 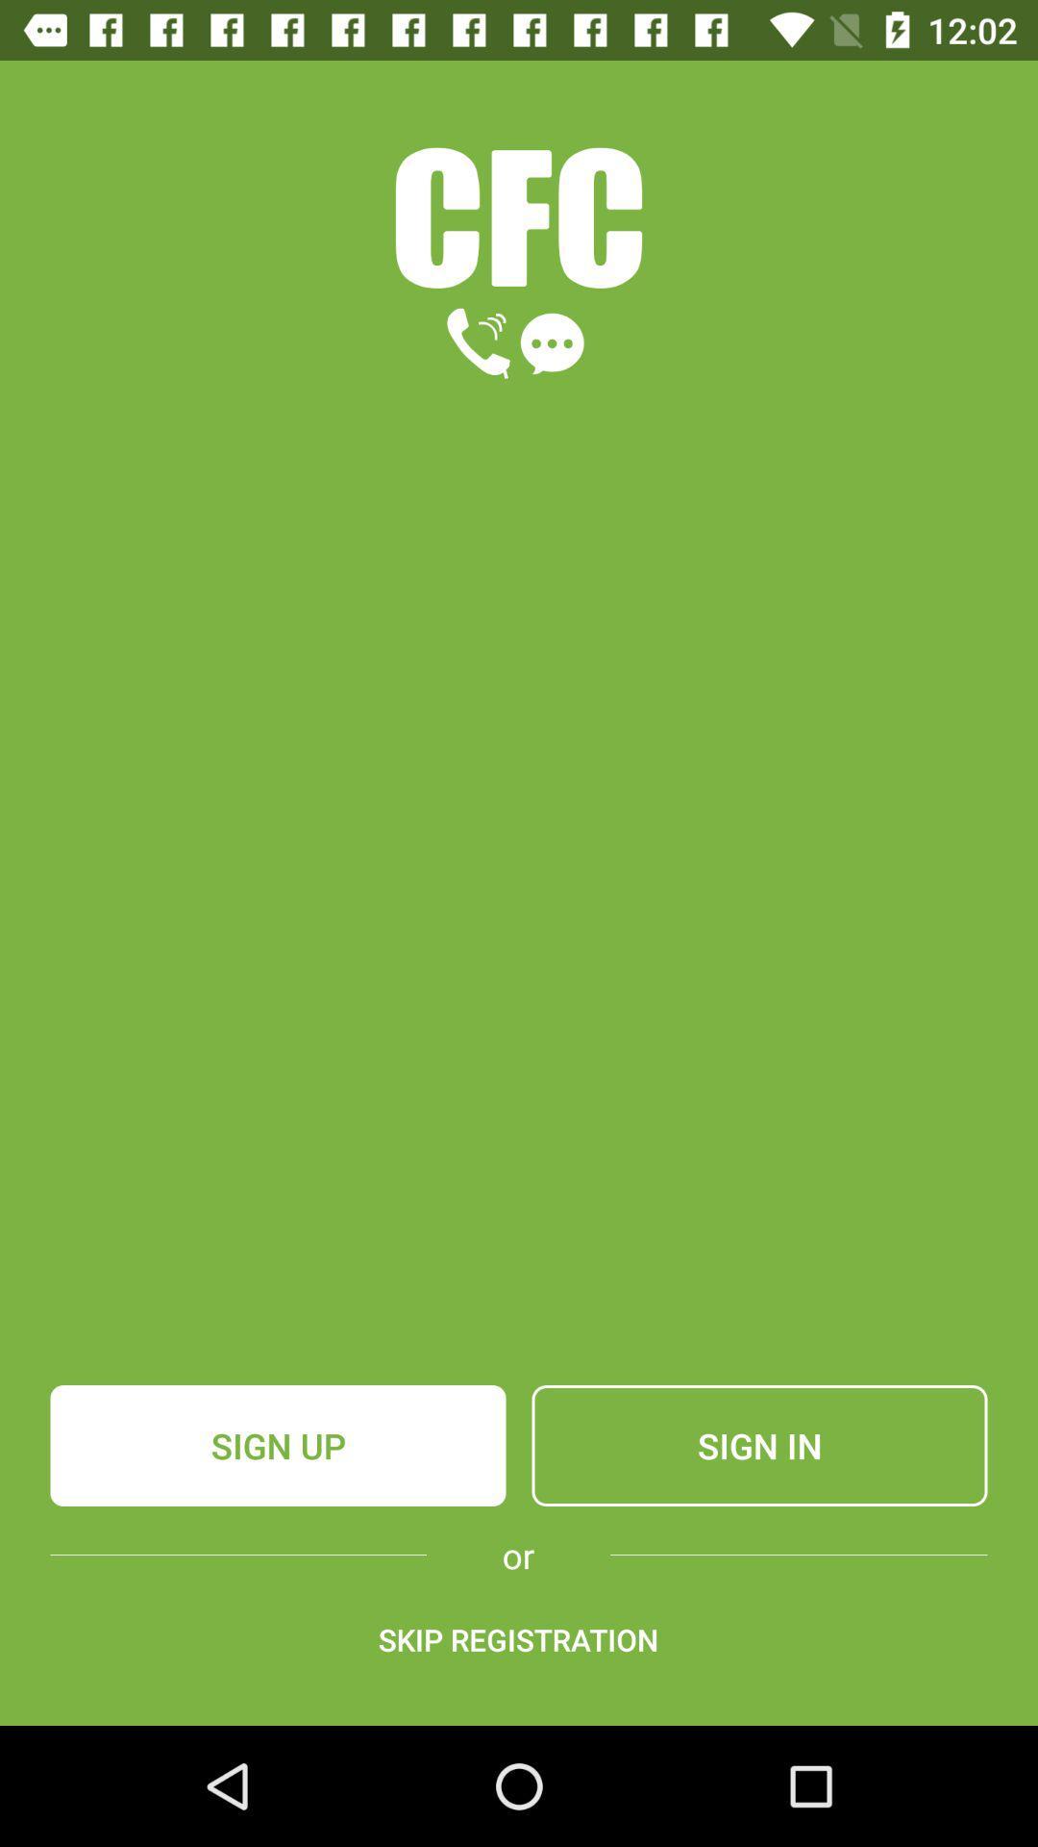 I want to click on icon above or item, so click(x=278, y=1445).